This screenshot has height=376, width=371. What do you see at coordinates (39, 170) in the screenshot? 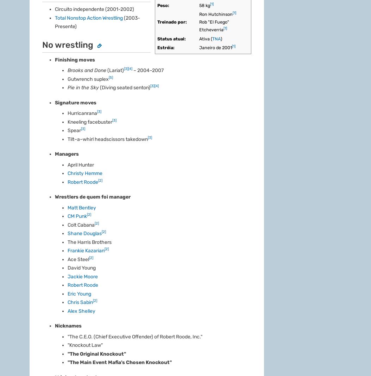
I see `'Carreiras'` at bounding box center [39, 170].